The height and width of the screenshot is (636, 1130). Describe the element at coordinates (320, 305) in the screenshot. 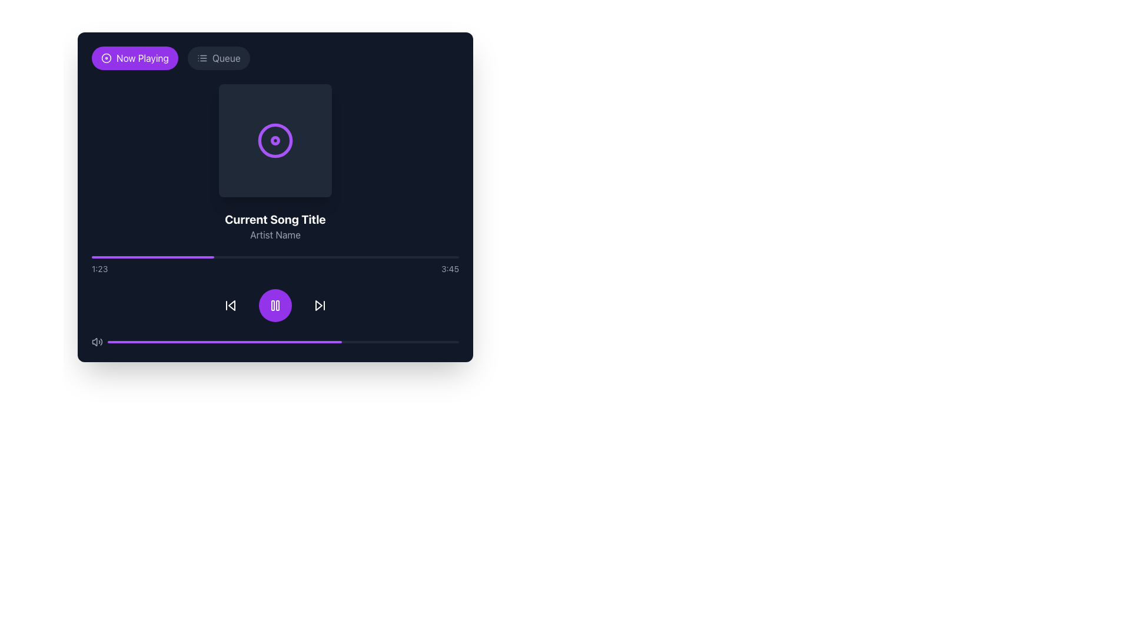

I see `the skip-forward button located in the media playback interface, which is positioned immediately to the right of the circular play button, to skip to the next track` at that location.